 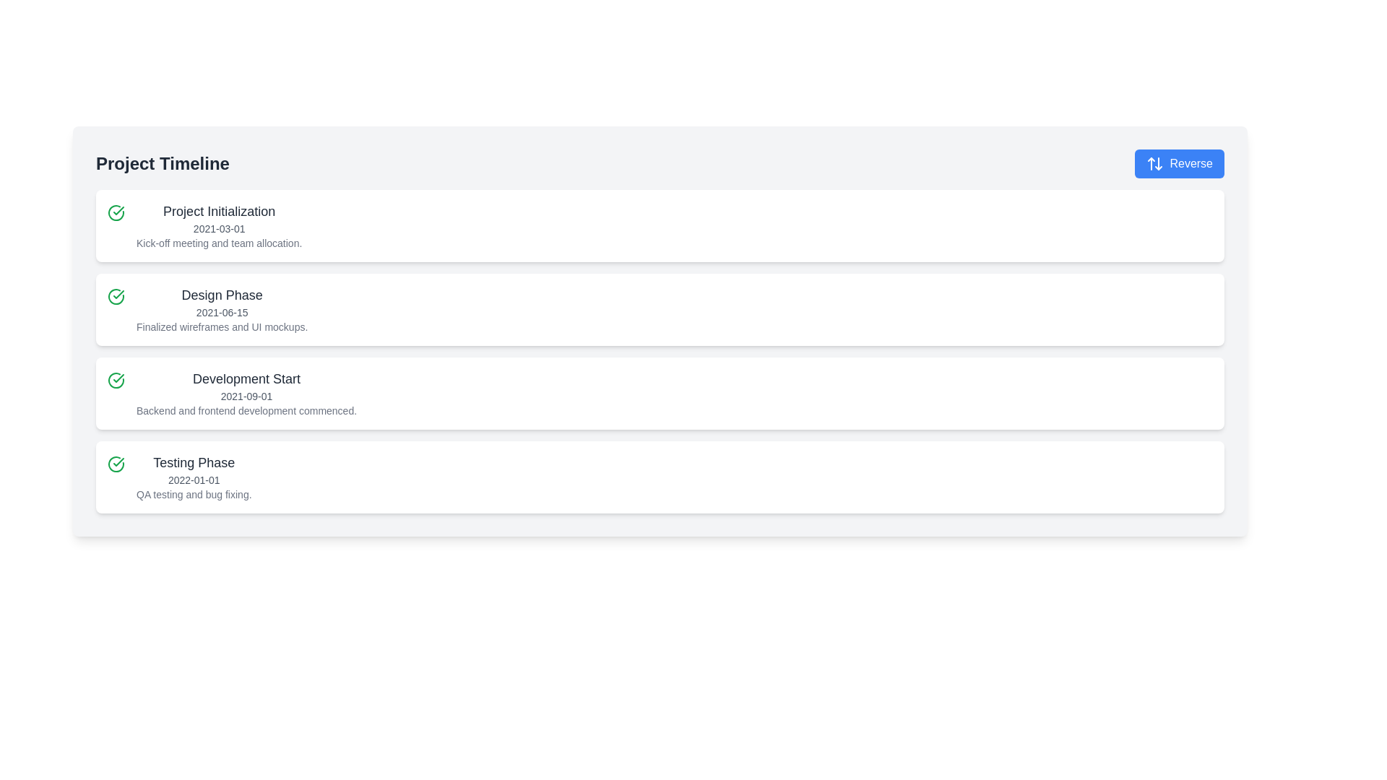 I want to click on the button labeled 'Reverse' located in the top-right corner of the interface, so click(x=1191, y=163).